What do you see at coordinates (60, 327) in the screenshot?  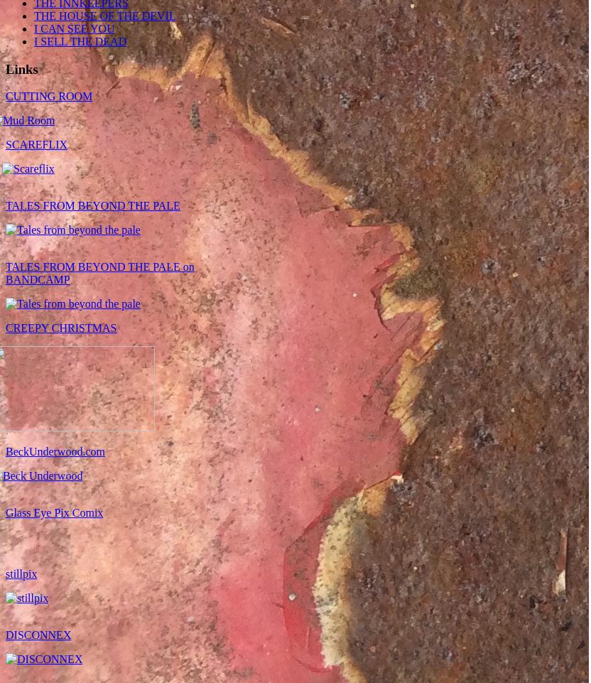 I see `'CREEPY CHRISTMAS'` at bounding box center [60, 327].